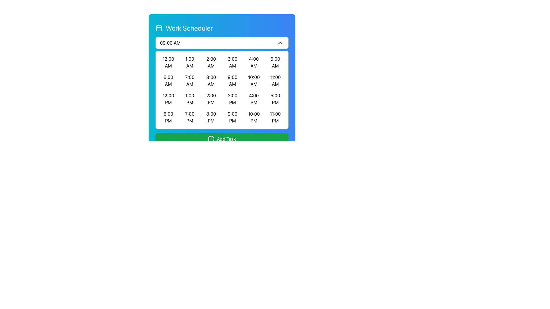  Describe the element at coordinates (275, 99) in the screenshot. I see `the button labeled '5:00 PM' located` at that location.